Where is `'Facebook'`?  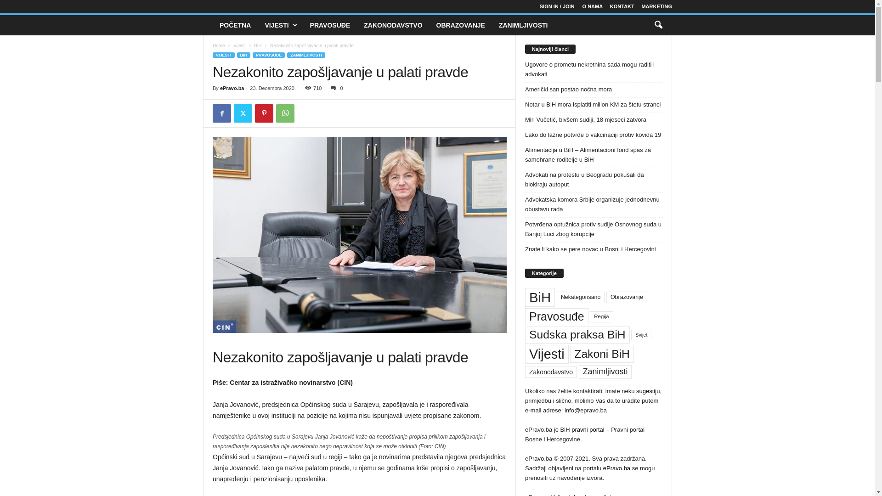
'Facebook' is located at coordinates (222, 113).